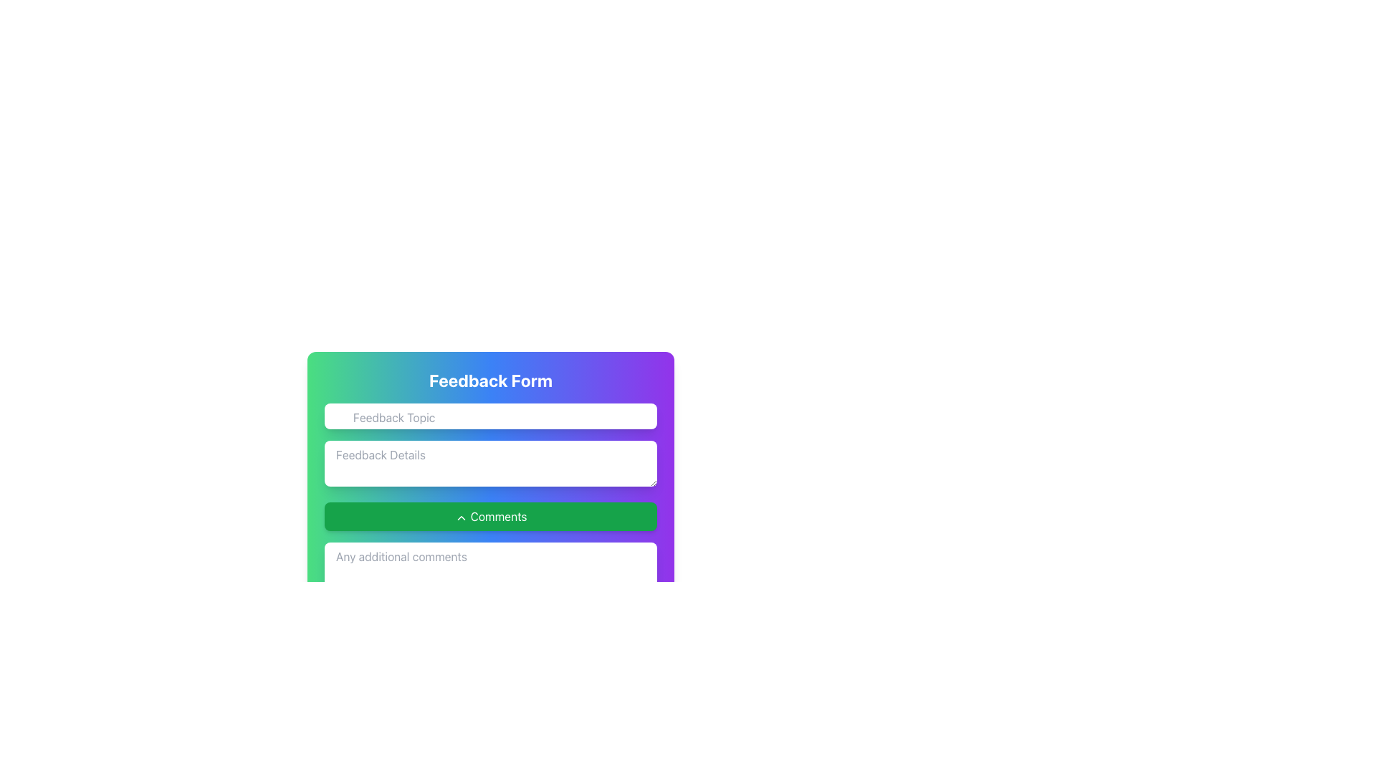 The width and height of the screenshot is (1376, 774). I want to click on the 'Comments' button located in the middle part of the 'Feedback Form', so click(491, 517).